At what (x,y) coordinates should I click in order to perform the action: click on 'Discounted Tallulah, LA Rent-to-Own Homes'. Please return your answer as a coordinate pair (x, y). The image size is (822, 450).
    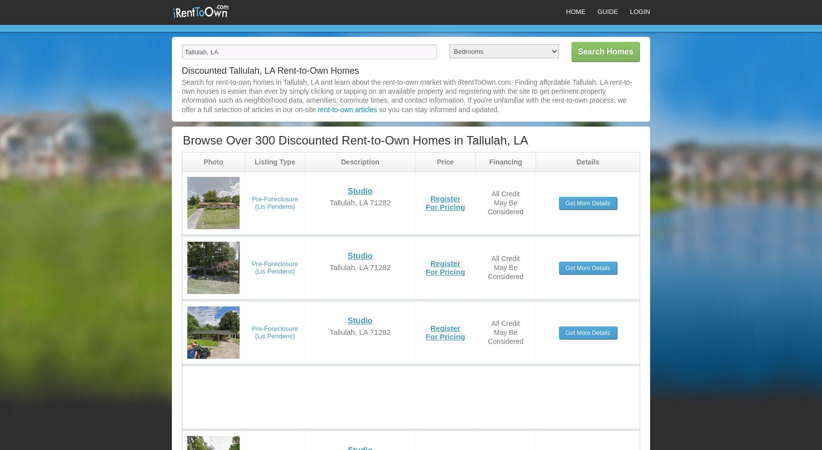
    Looking at the image, I should click on (270, 70).